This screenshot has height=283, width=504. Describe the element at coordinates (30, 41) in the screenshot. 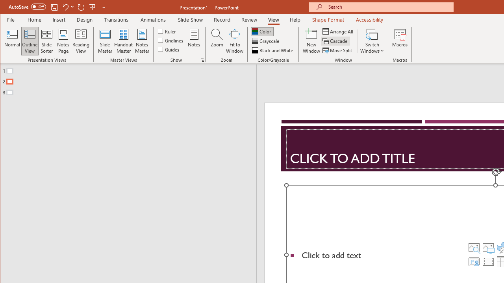

I see `'Outline View'` at that location.